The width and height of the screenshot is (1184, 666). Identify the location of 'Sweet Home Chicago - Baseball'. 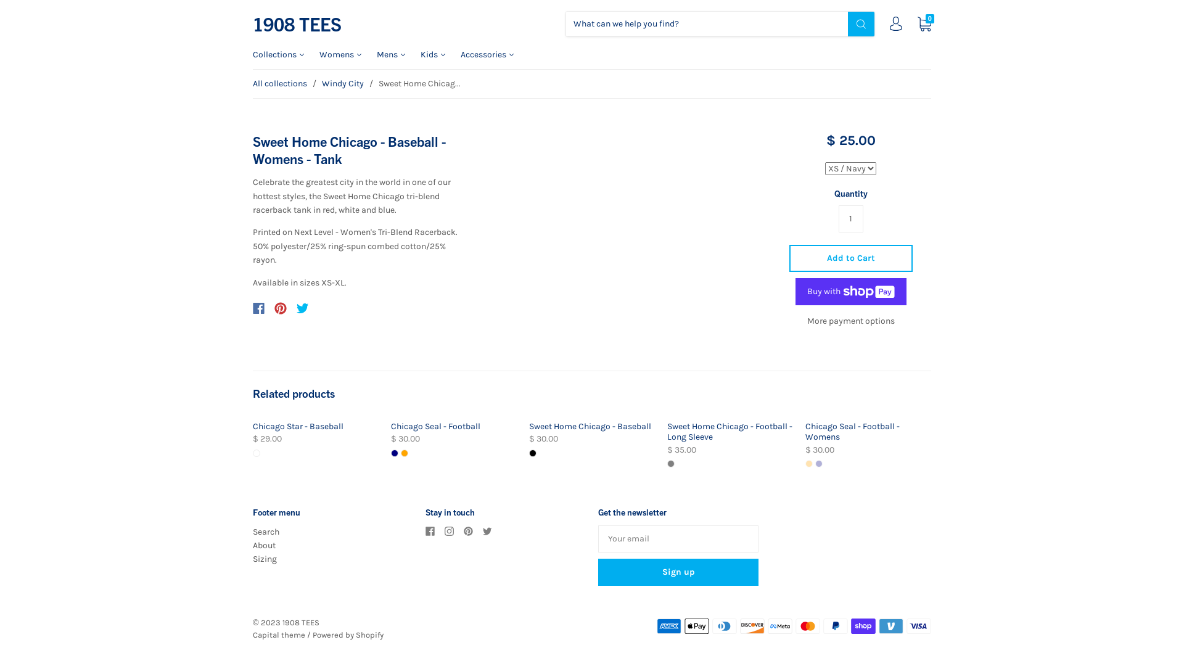
(529, 425).